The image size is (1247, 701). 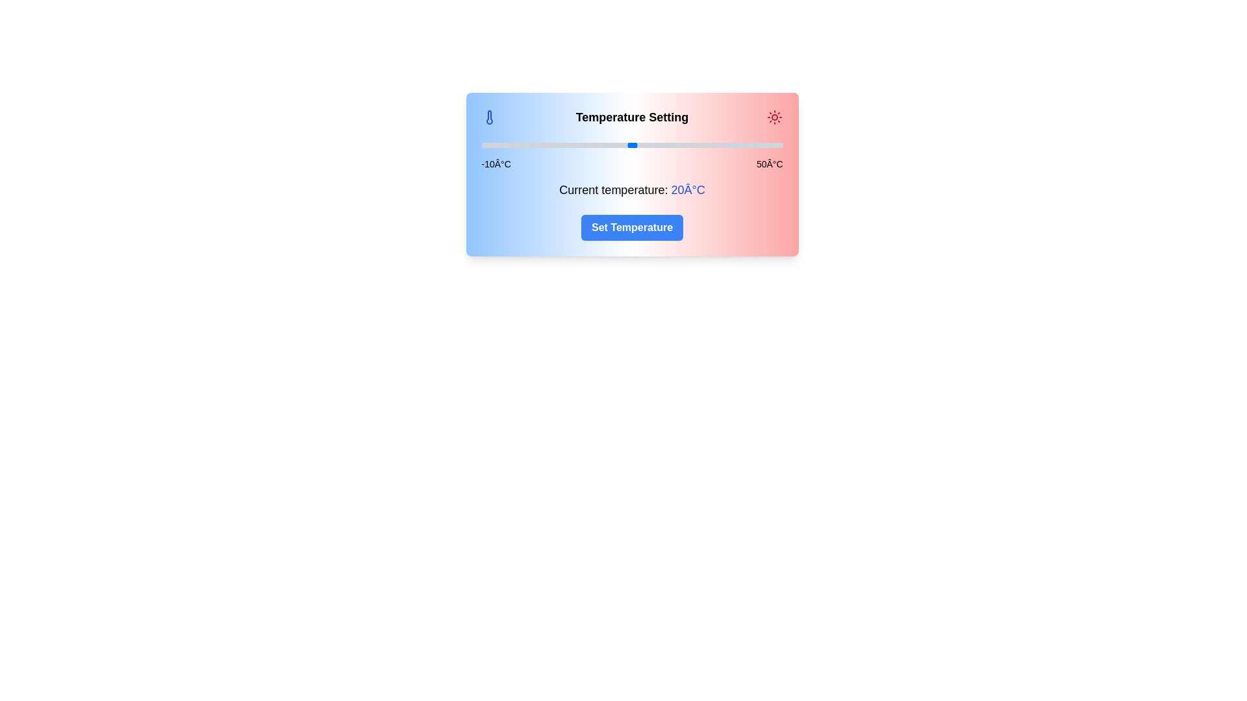 What do you see at coordinates (742, 145) in the screenshot?
I see `the slider to set the temperature to 42°C` at bounding box center [742, 145].